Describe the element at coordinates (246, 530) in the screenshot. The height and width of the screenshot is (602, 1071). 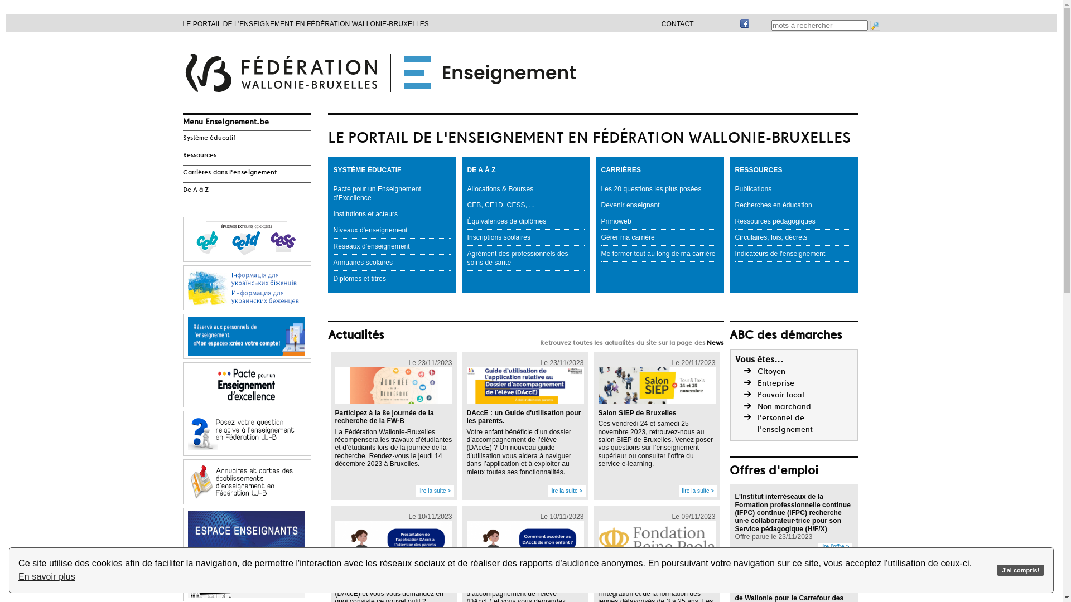
I see `'lien vers la page espace enseignant                  '` at that location.